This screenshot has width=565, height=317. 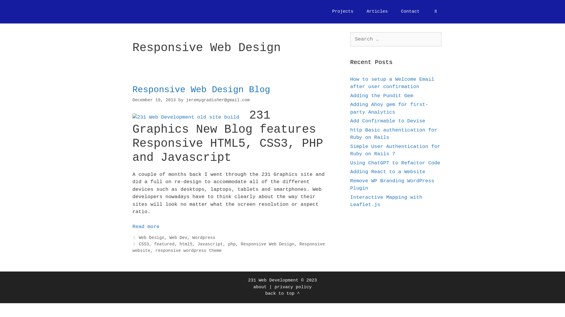 What do you see at coordinates (282, 294) in the screenshot?
I see `'back to top ^'` at bounding box center [282, 294].